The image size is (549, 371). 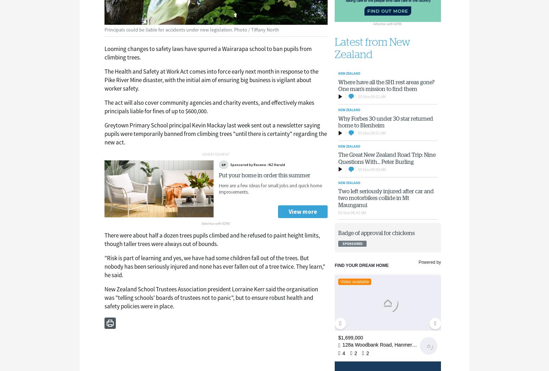 What do you see at coordinates (211, 80) in the screenshot?
I see `'The Health and Safety at Work Act comes into force early next month in response to the Pike River Mine disaster, with the initial aim of ensuring big business is vigilant about worker safety.'` at bounding box center [211, 80].